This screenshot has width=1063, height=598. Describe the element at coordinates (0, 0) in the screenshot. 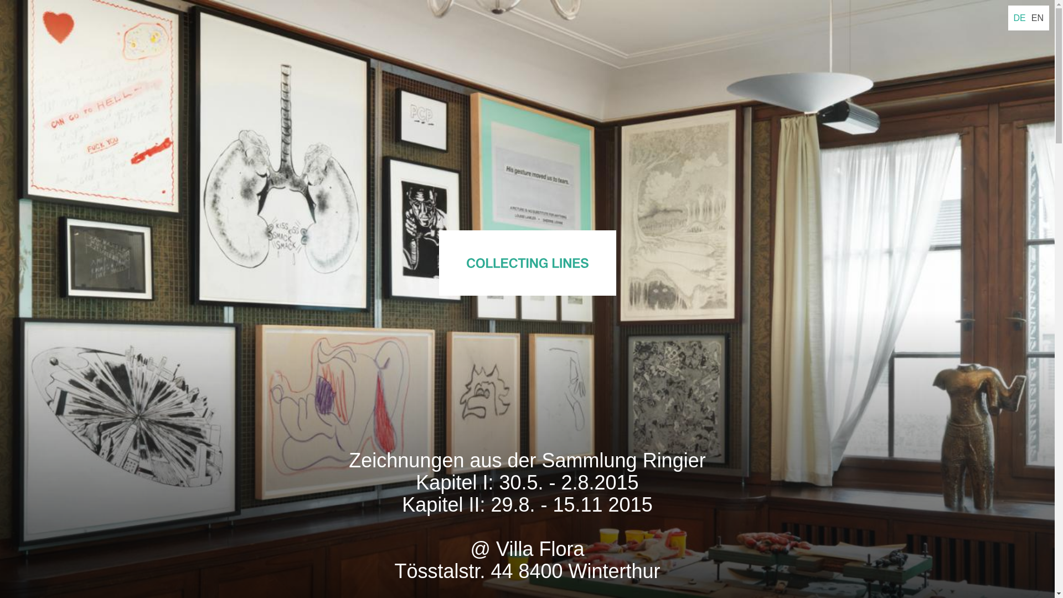

I see `'Skip to main content'` at that location.